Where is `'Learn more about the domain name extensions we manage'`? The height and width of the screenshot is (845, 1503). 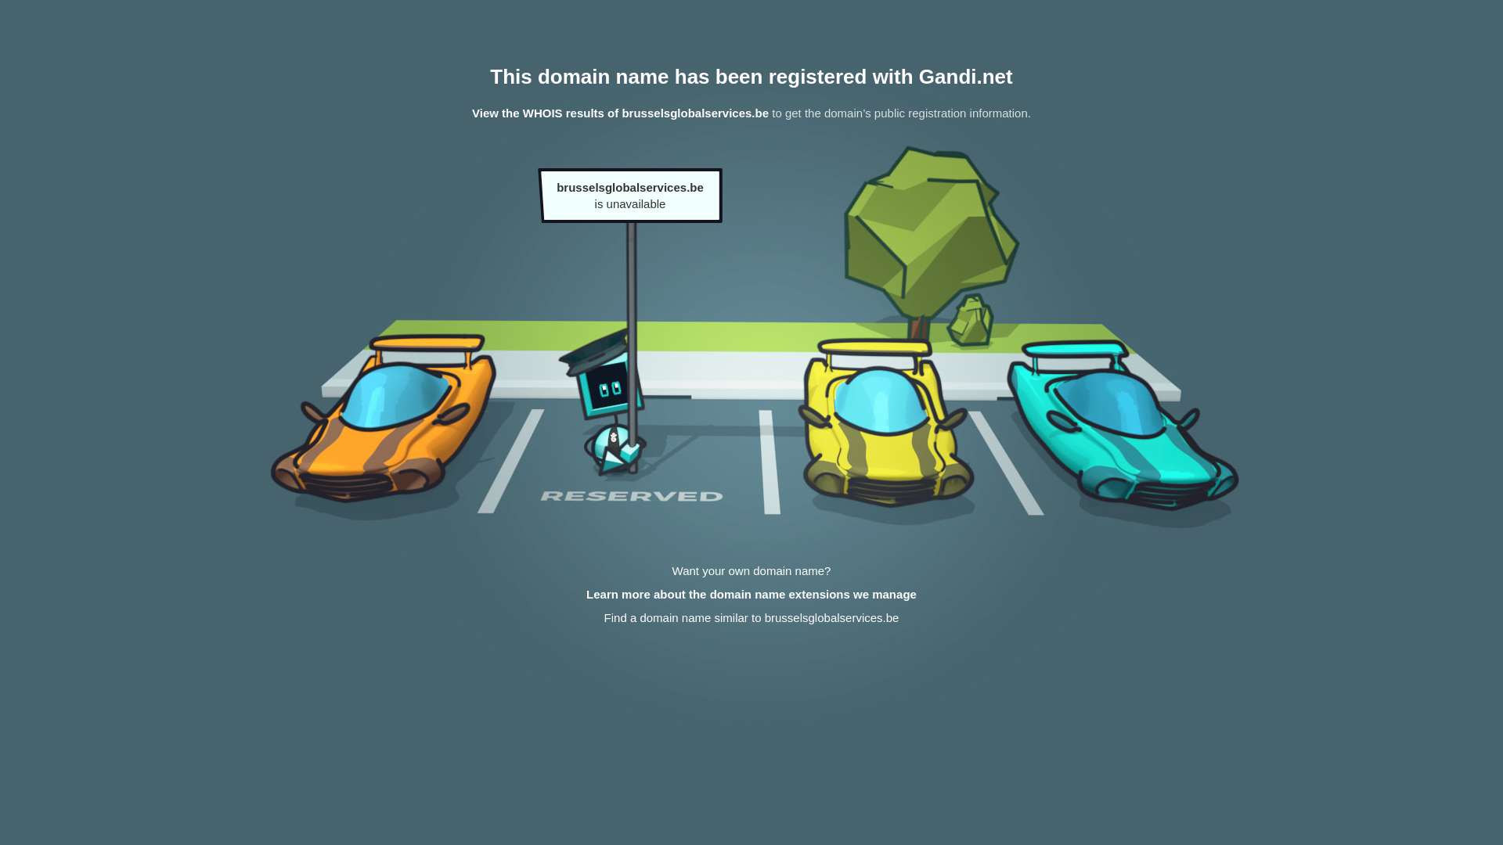
'Learn more about the domain name extensions we manage' is located at coordinates (751, 594).